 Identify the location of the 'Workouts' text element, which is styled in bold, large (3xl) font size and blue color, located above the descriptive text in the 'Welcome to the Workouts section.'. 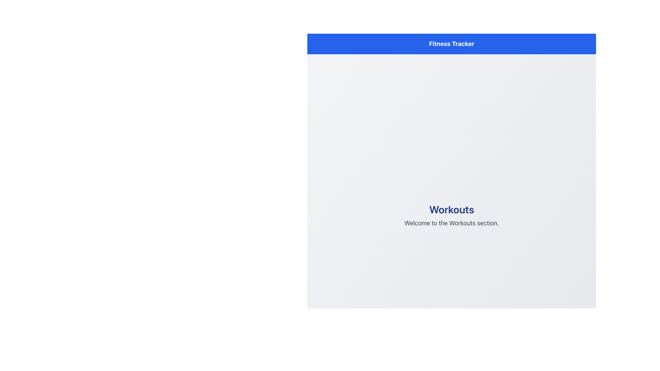
(452, 209).